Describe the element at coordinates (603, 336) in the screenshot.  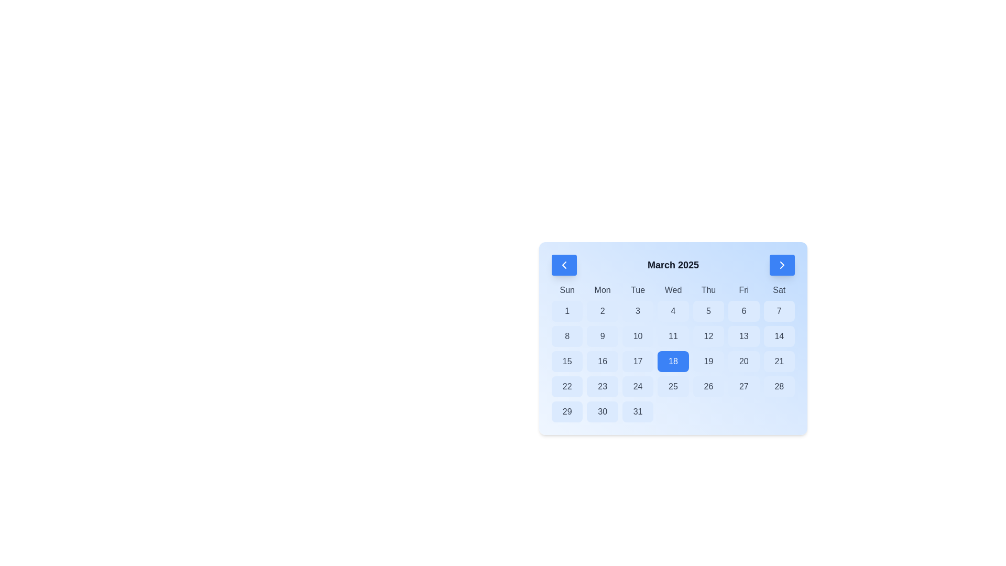
I see `the rounded light blue button displaying the number '9' to trigger the hover effect and see the visual response` at that location.